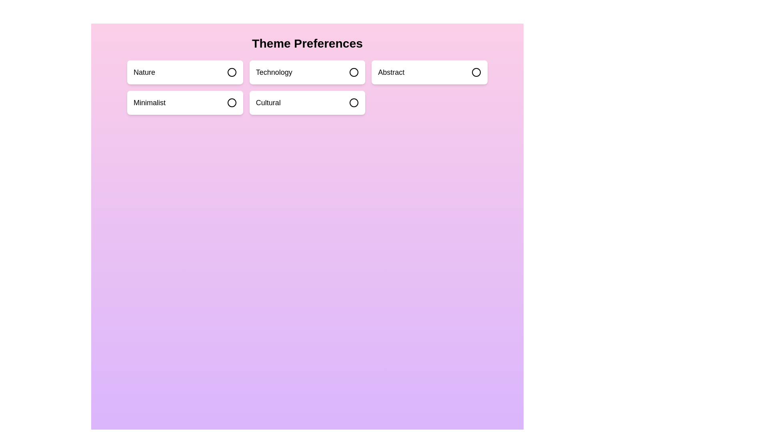 This screenshot has height=432, width=768. Describe the element at coordinates (307, 72) in the screenshot. I see `the theme Technology` at that location.